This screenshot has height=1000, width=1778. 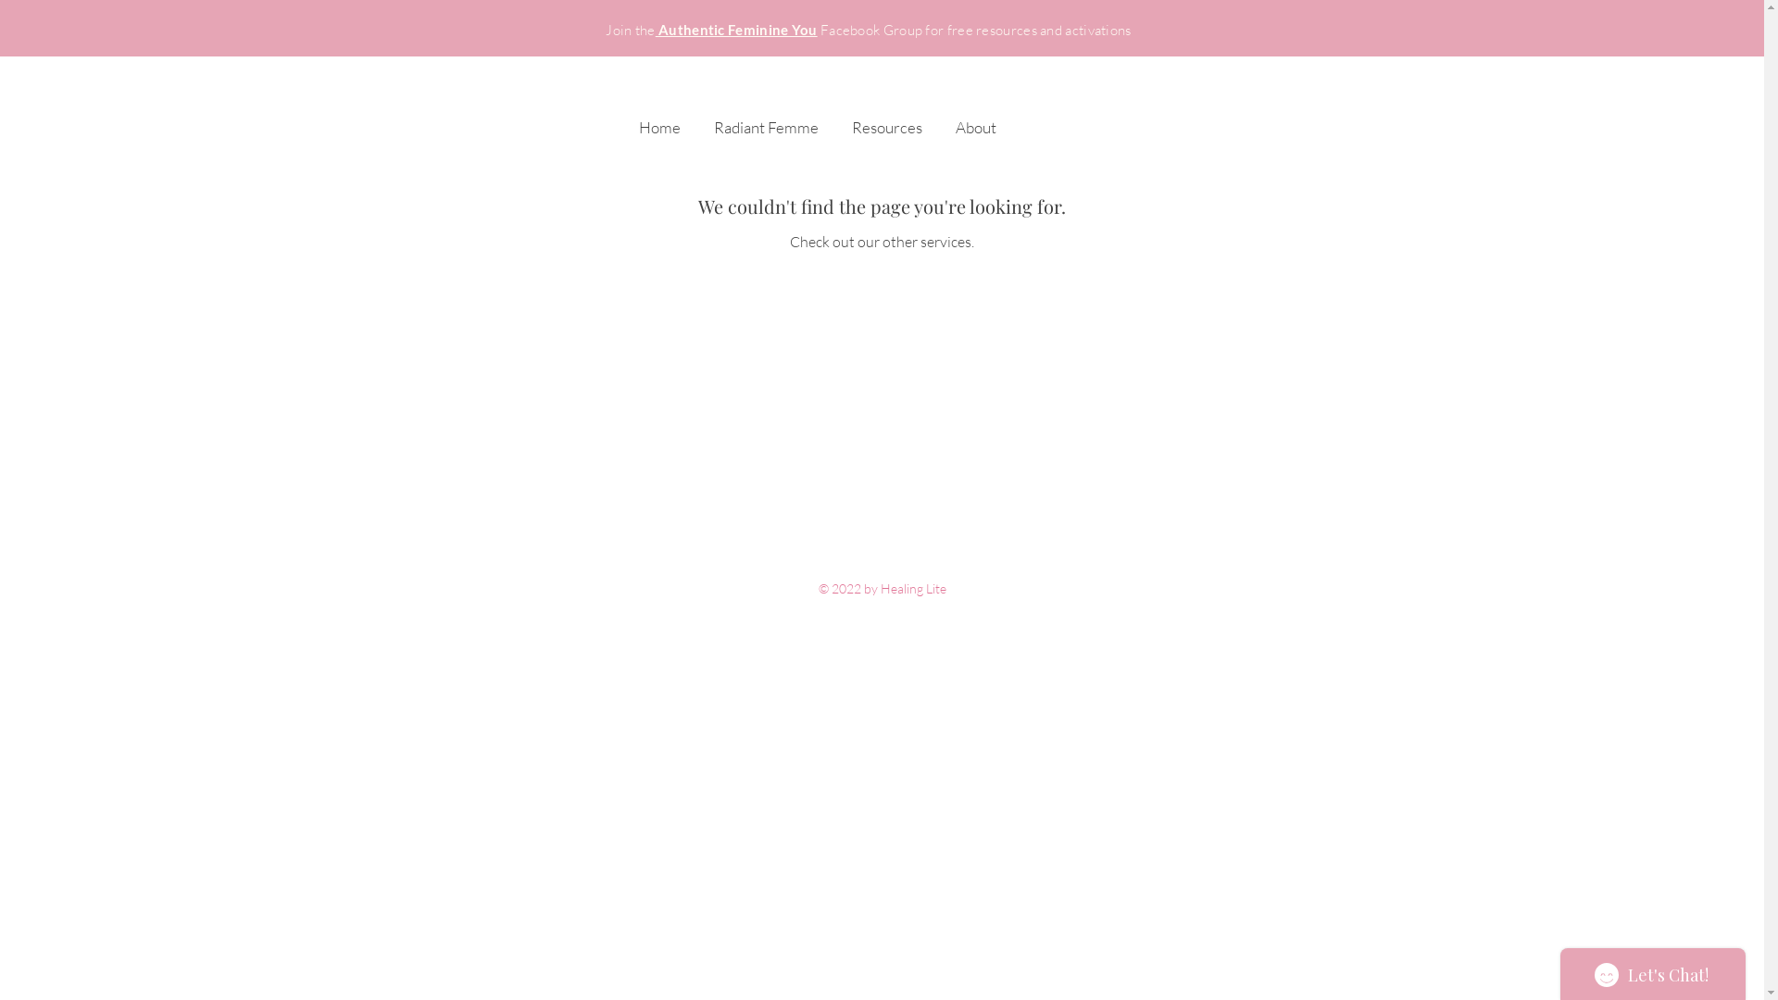 I want to click on 'Home', so click(x=659, y=119).